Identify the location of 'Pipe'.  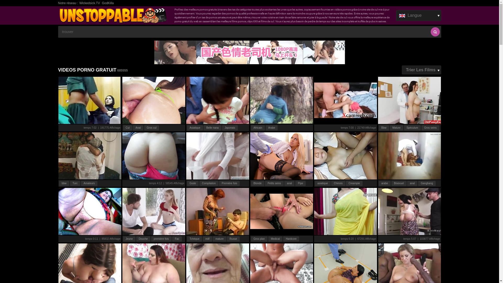
(300, 183).